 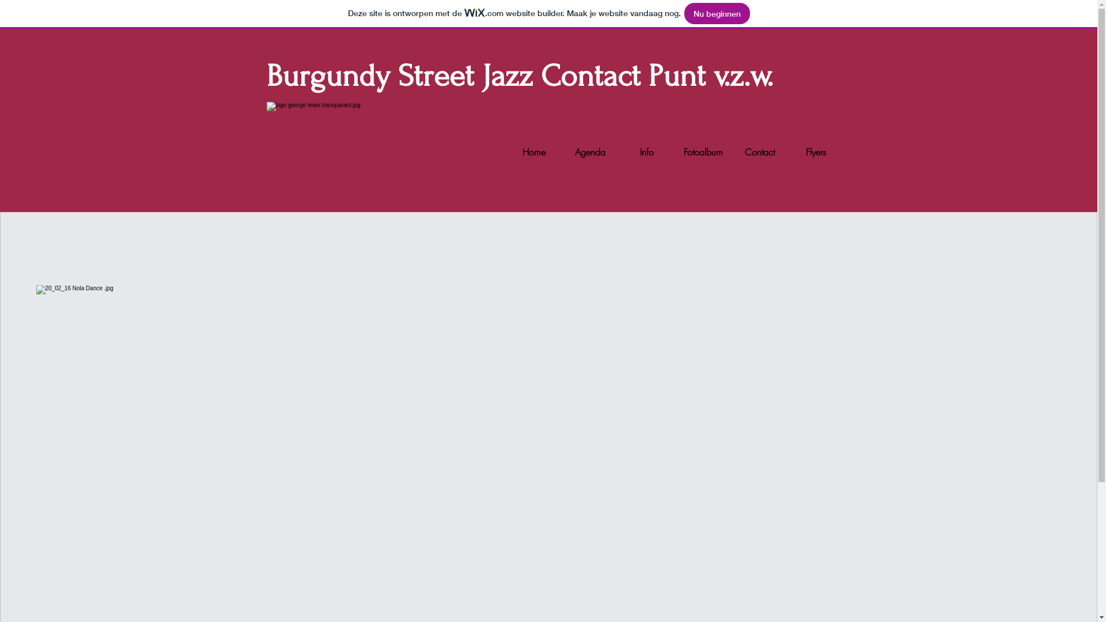 What do you see at coordinates (533, 151) in the screenshot?
I see `'Home'` at bounding box center [533, 151].